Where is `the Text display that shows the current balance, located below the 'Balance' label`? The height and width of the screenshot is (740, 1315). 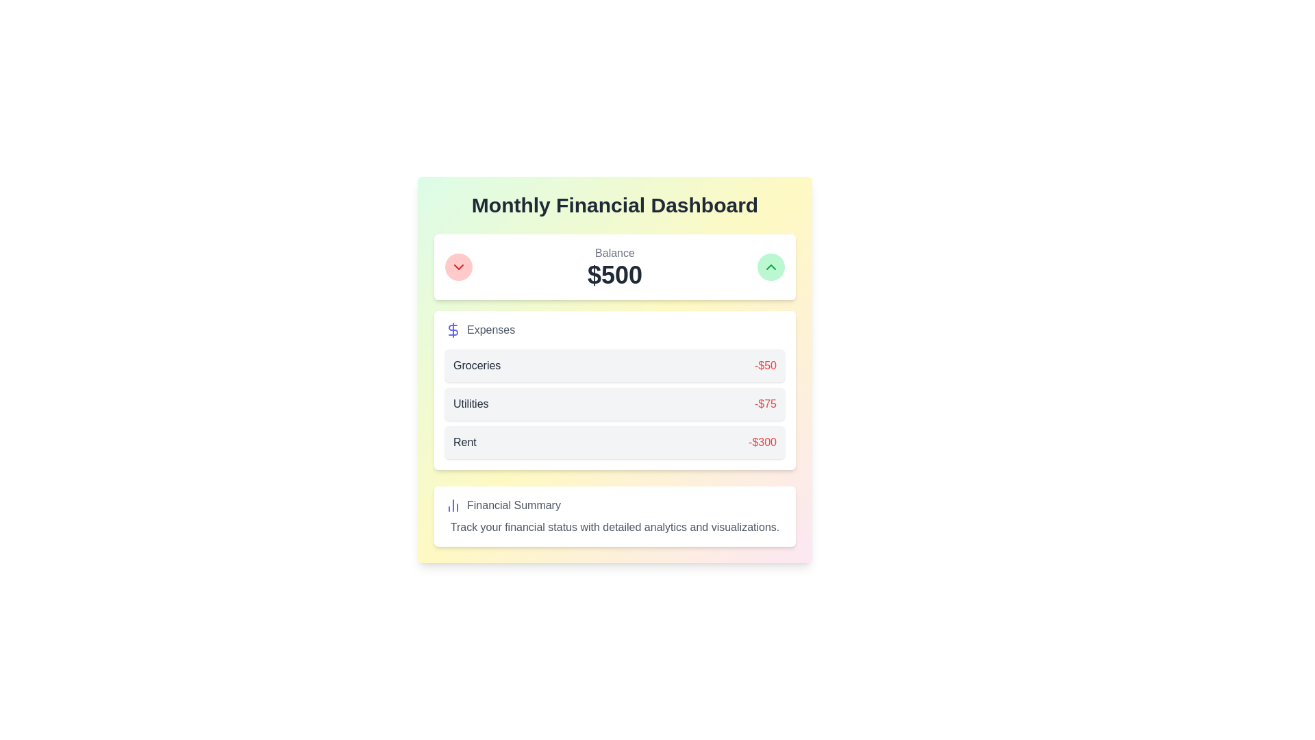
the Text display that shows the current balance, located below the 'Balance' label is located at coordinates (614, 275).